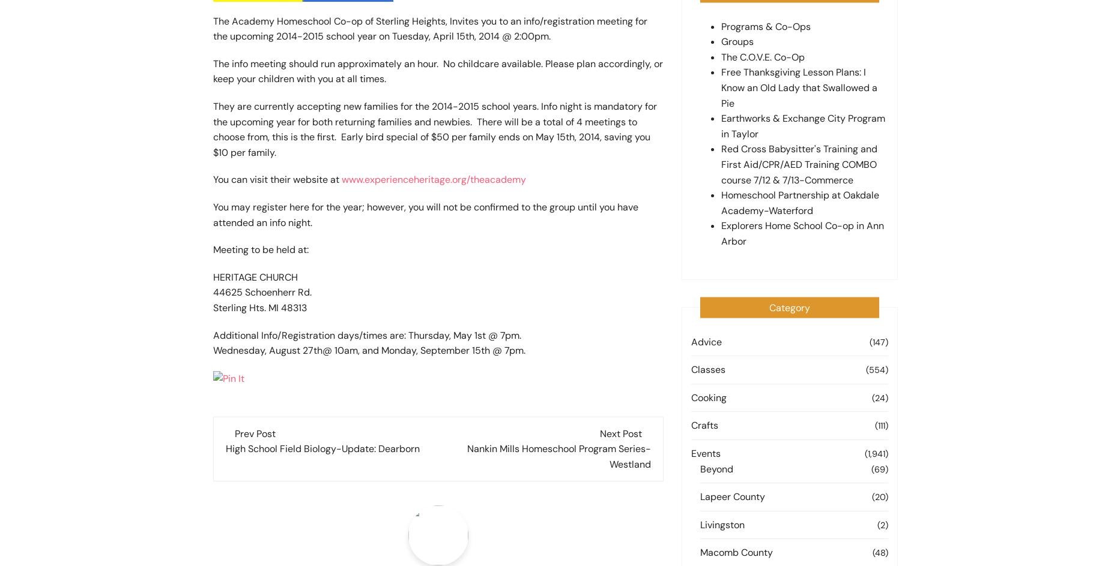 The image size is (1111, 566). What do you see at coordinates (877, 369) in the screenshot?
I see `'(554)'` at bounding box center [877, 369].